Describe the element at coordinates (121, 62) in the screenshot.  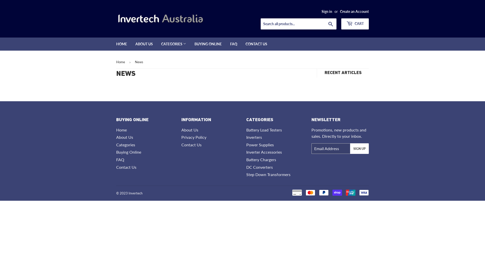
I see `'Home'` at that location.